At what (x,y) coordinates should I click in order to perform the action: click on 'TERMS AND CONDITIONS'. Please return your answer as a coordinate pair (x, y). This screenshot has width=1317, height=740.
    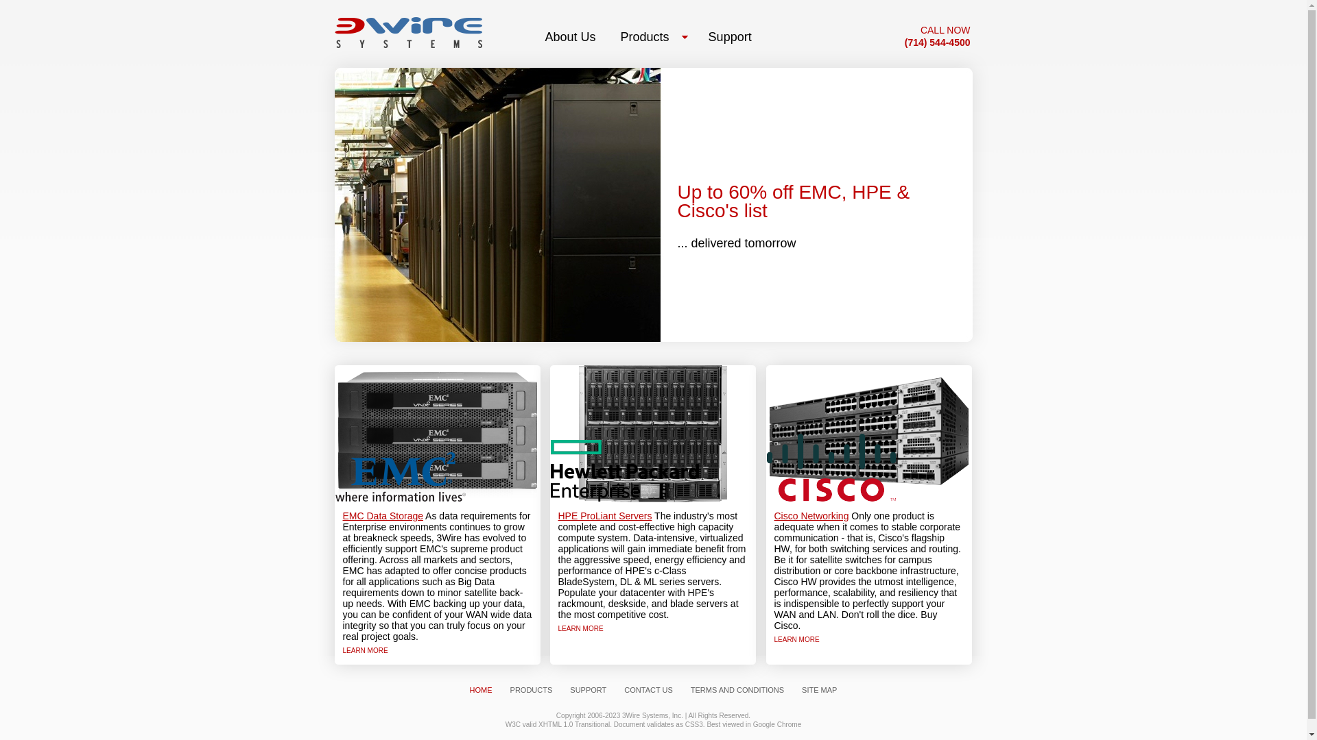
    Looking at the image, I should click on (737, 689).